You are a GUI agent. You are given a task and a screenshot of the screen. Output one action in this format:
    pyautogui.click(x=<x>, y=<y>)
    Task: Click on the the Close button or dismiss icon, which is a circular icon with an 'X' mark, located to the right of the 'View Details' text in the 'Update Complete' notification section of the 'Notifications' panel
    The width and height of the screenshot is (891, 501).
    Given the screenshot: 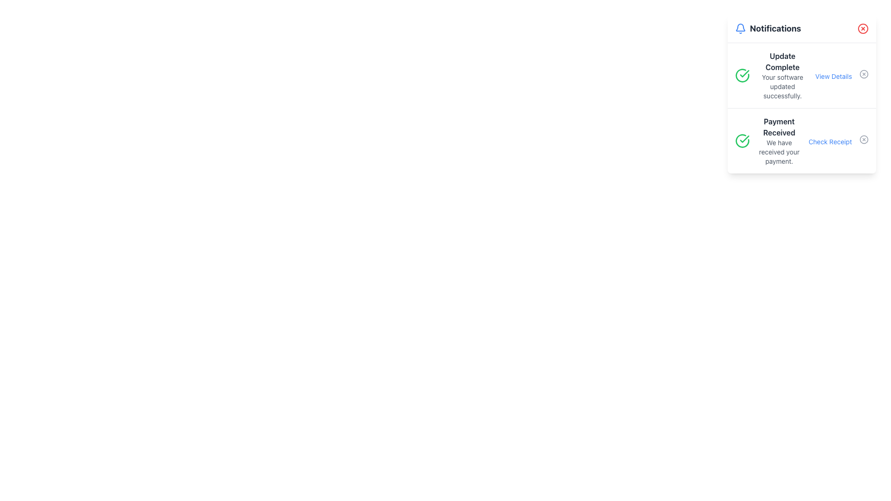 What is the action you would take?
    pyautogui.click(x=864, y=73)
    